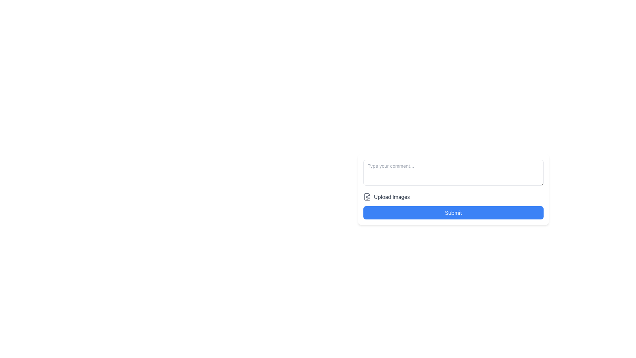 The height and width of the screenshot is (358, 636). Describe the element at coordinates (367, 197) in the screenshot. I see `the SVG Icon element that resembles a document with a camera overlay, positioned to the left of the 'Upload Images' label` at that location.